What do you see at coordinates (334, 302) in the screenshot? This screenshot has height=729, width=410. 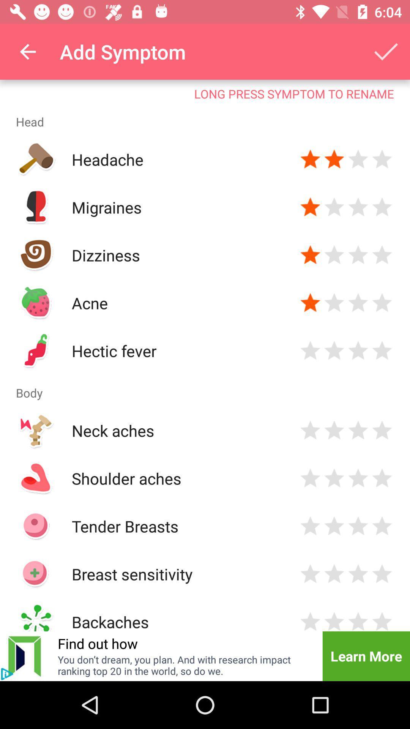 I see `rating` at bounding box center [334, 302].